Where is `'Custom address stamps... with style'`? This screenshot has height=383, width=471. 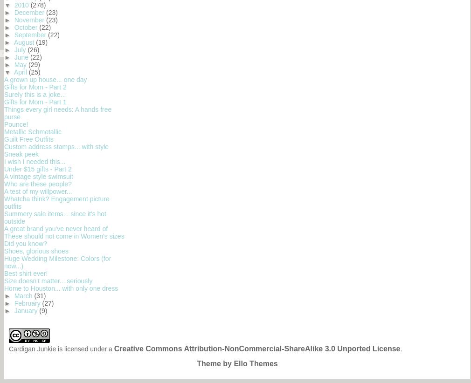 'Custom address stamps... with style' is located at coordinates (55, 146).